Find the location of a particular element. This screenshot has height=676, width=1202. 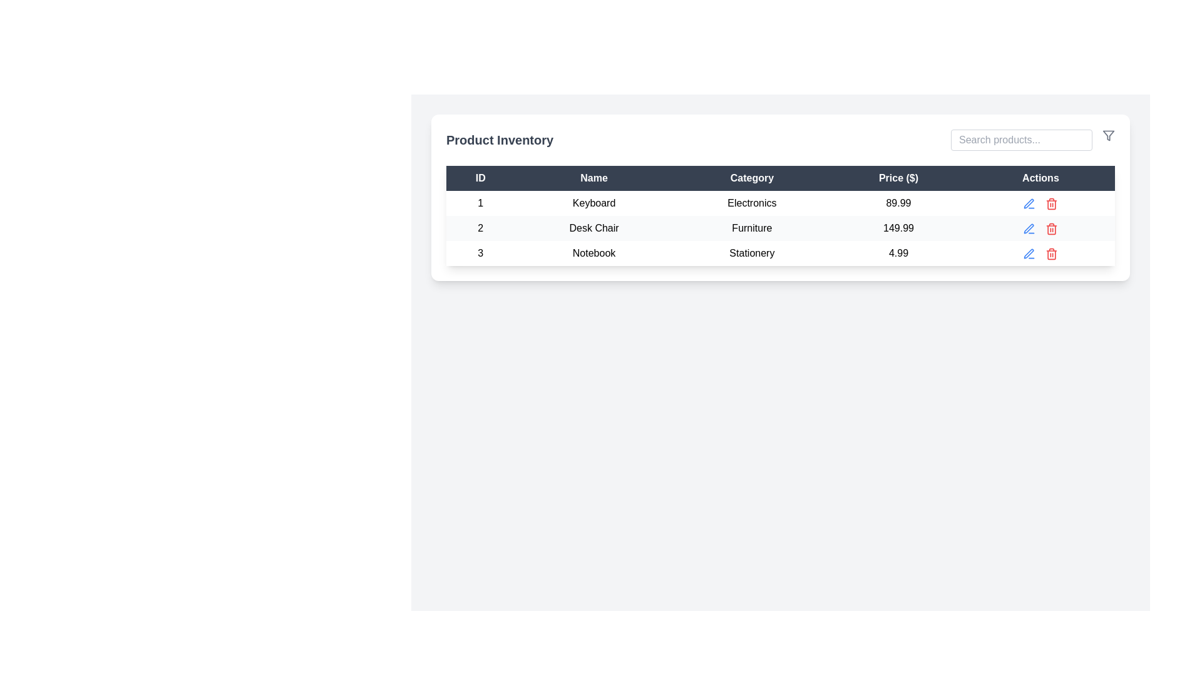

text content of the element displaying 'Desk Chair' in the second row of the table under the 'Name' column is located at coordinates (593, 228).